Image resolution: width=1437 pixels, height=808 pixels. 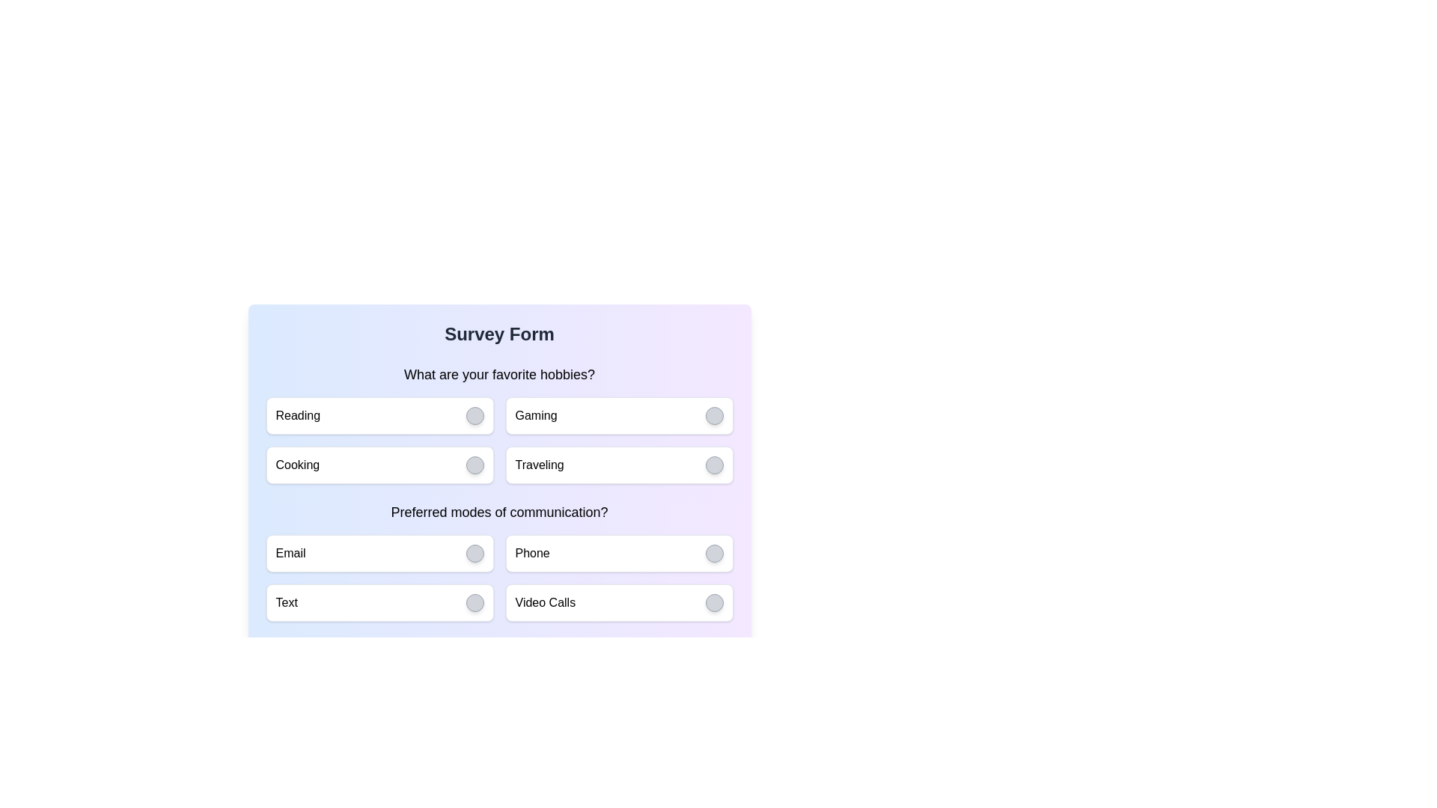 I want to click on the text label displaying 'Text' located in the bottom left of the form under 'Preferred modes of communication?', so click(x=287, y=602).